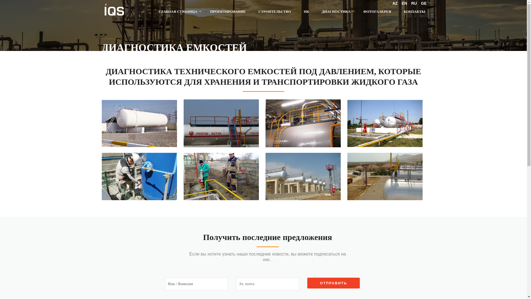 This screenshot has height=299, width=531. Describe the element at coordinates (423, 3) in the screenshot. I see `'GE'` at that location.